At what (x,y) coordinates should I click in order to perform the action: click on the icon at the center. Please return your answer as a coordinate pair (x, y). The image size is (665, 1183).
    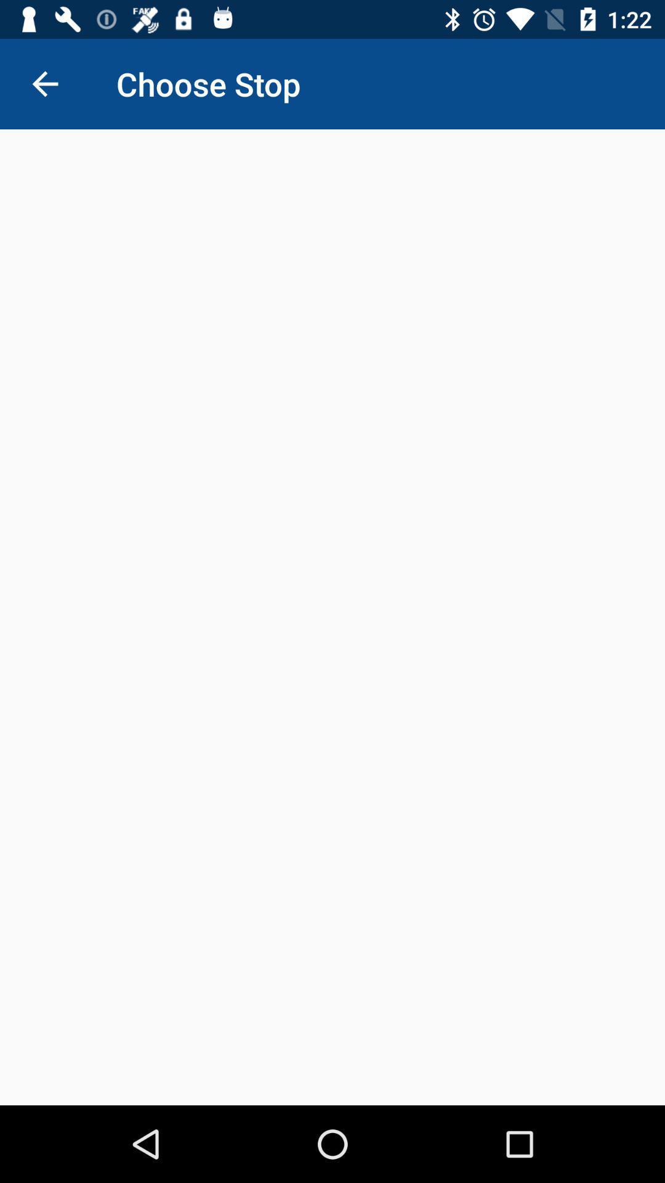
    Looking at the image, I should click on (332, 617).